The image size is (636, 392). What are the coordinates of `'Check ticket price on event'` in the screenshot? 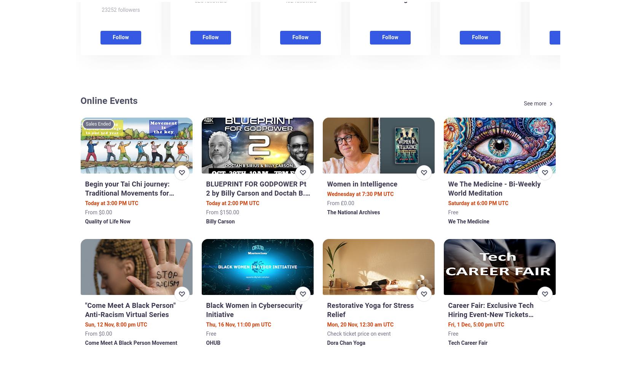 It's located at (359, 333).